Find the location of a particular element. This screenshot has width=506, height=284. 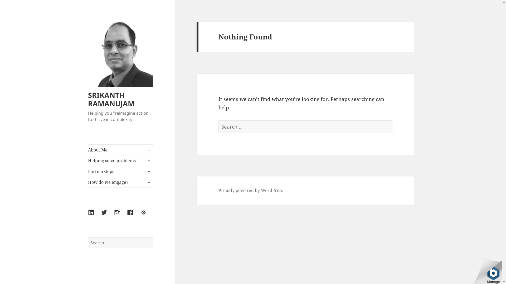

'About Me' is located at coordinates (120, 150).